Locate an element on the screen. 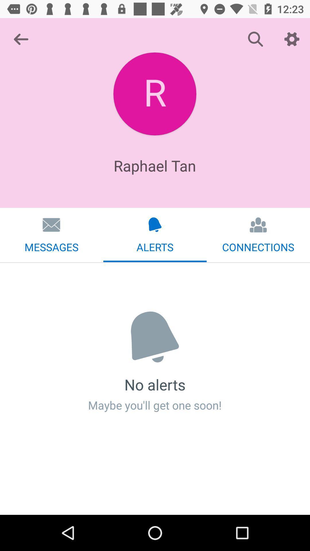  the icon of connections is located at coordinates (258, 224).